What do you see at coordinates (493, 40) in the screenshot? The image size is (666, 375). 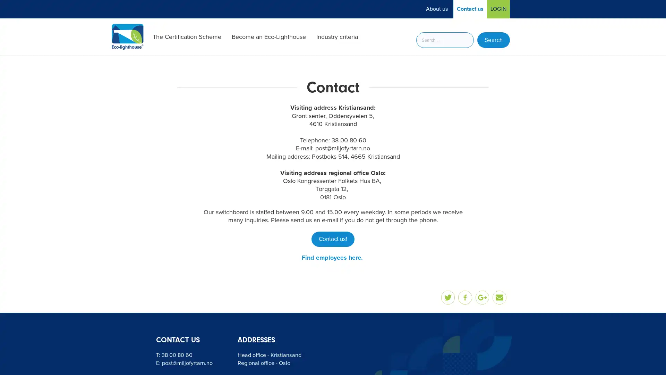 I see `Search` at bounding box center [493, 40].